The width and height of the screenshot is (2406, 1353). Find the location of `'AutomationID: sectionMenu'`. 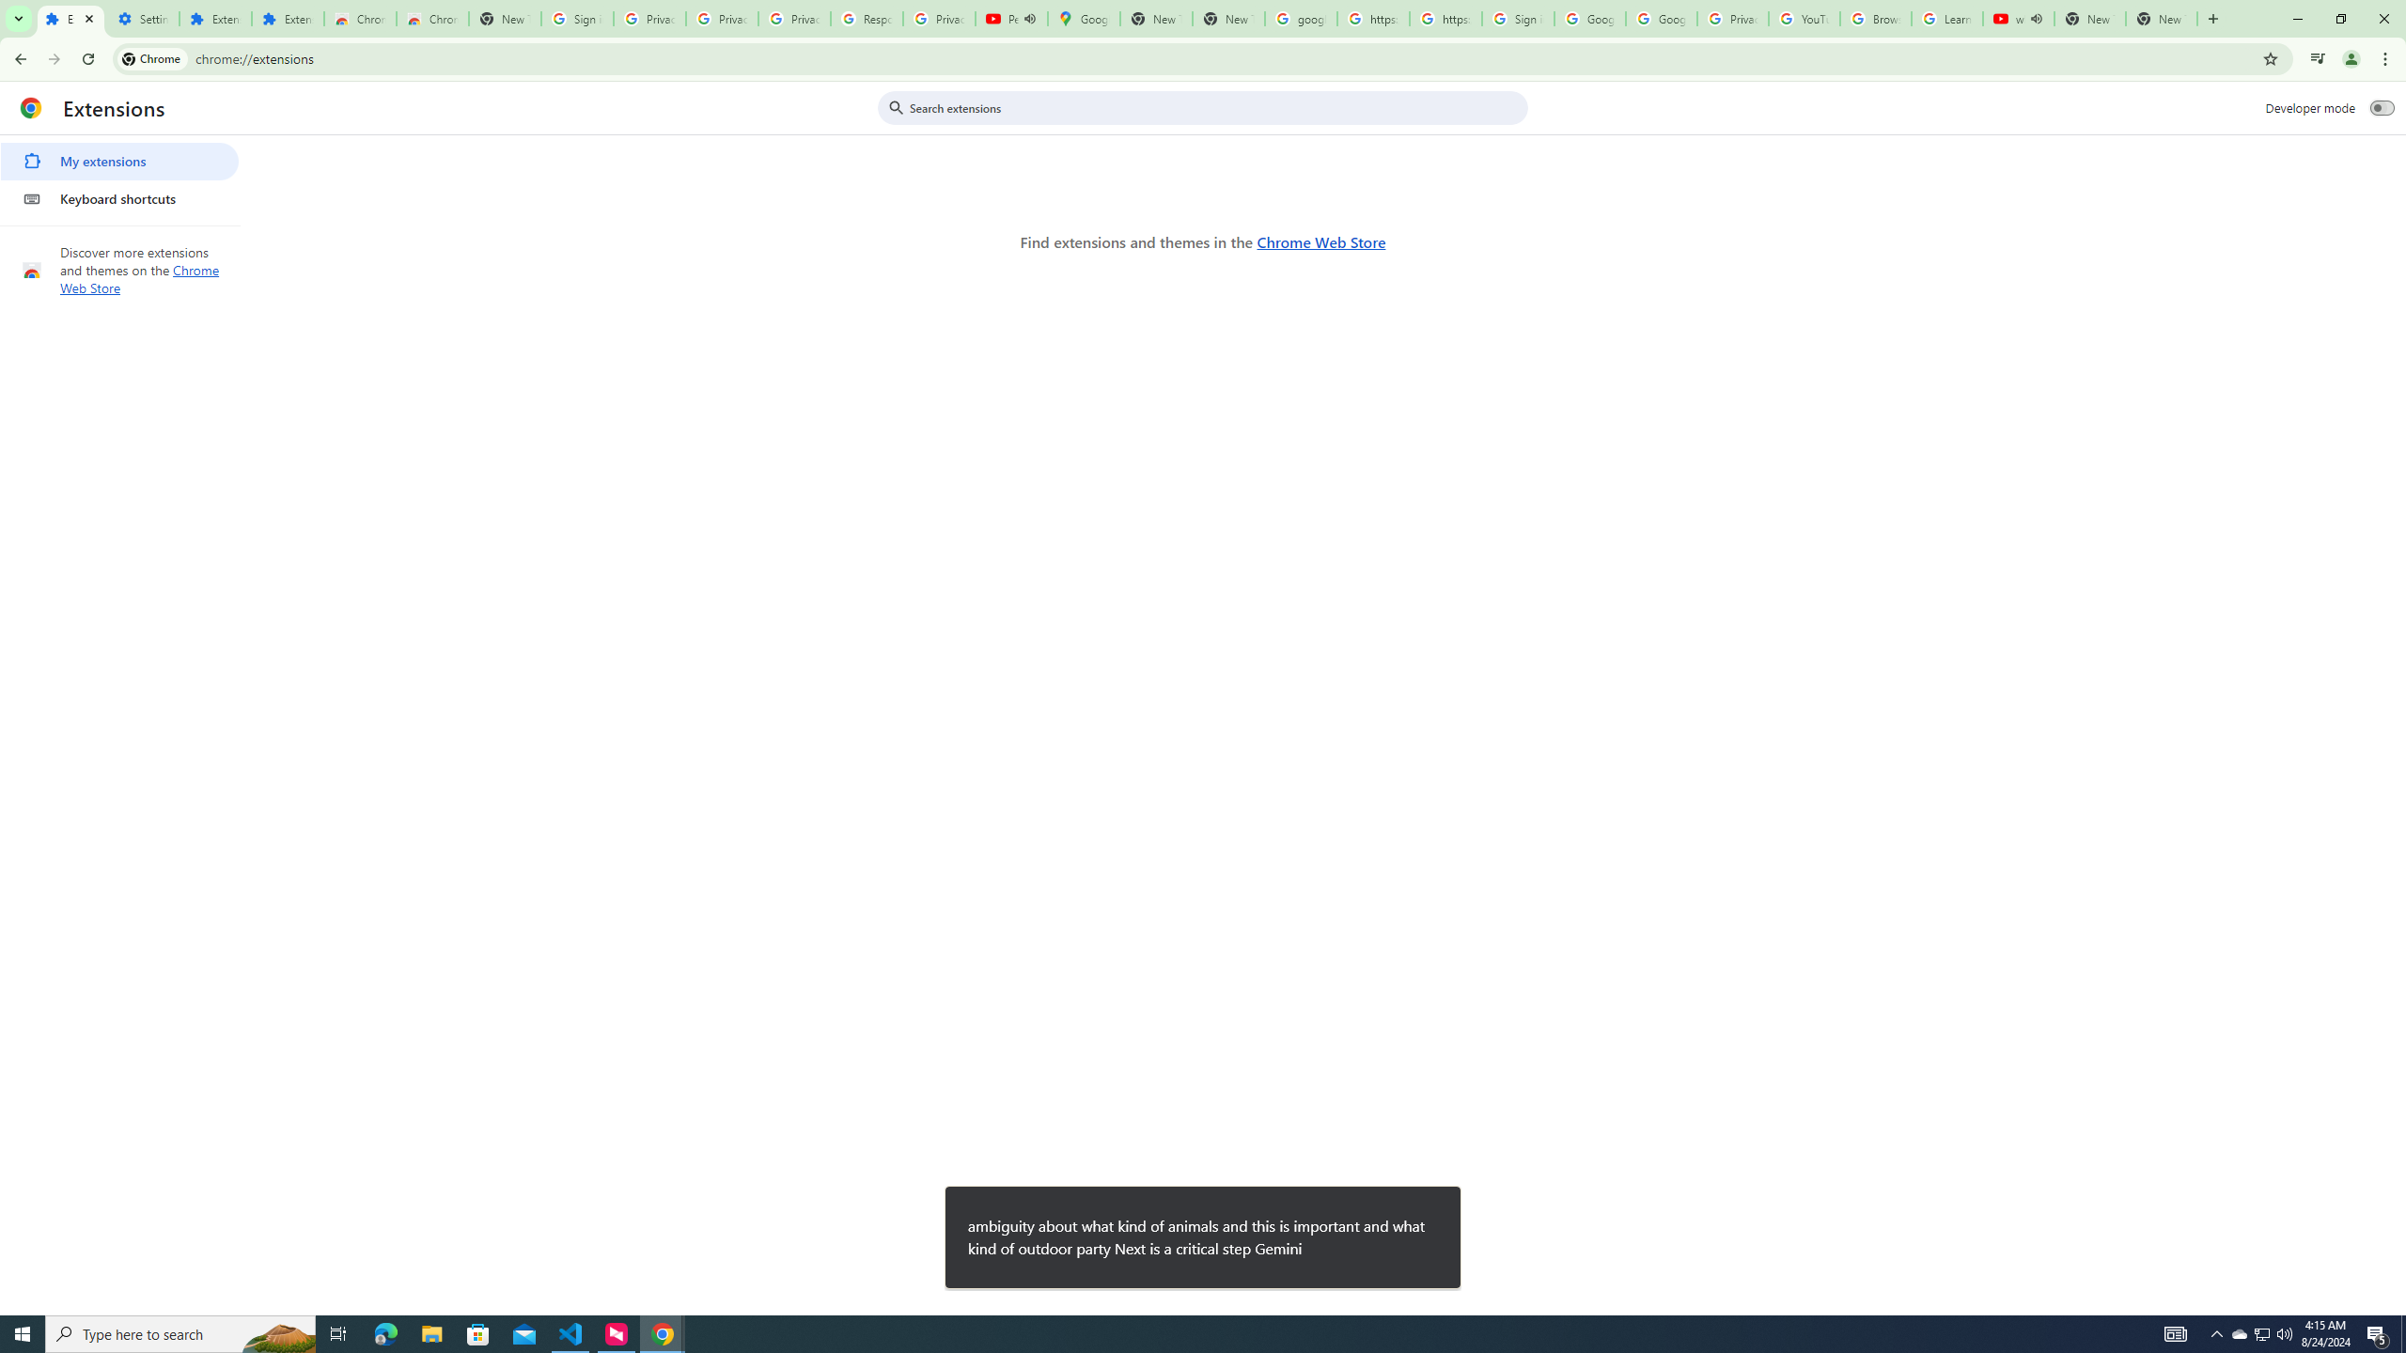

'AutomationID: sectionMenu' is located at coordinates (119, 176).